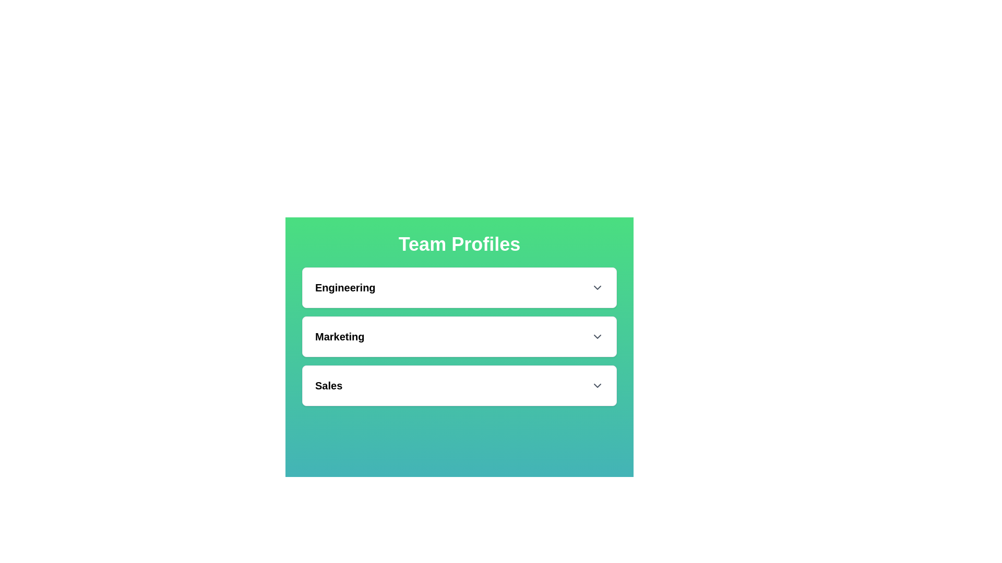 This screenshot has height=563, width=1002. What do you see at coordinates (345, 287) in the screenshot?
I see `the text label displaying 'Engineering' which is a bold, large font component positioned under the 'Team Profiles' title with a green gradient background` at bounding box center [345, 287].